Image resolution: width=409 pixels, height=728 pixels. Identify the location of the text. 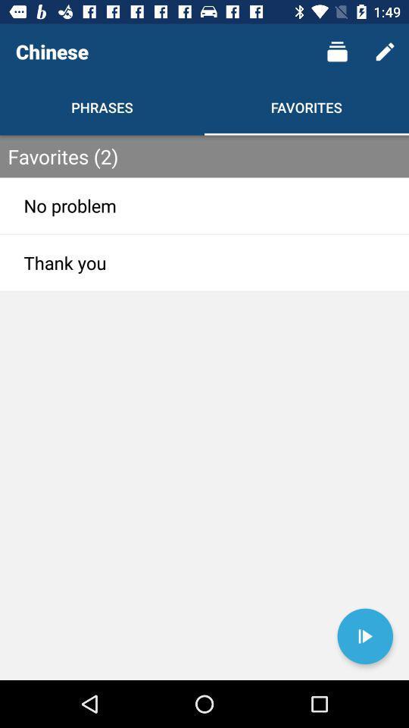
(364, 636).